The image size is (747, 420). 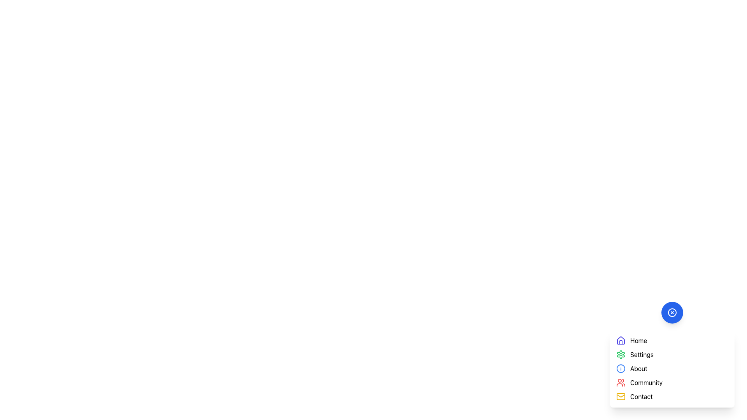 What do you see at coordinates (621, 382) in the screenshot?
I see `the red icon representing a group of people located next to the 'Community' label in the dropdown menu` at bounding box center [621, 382].